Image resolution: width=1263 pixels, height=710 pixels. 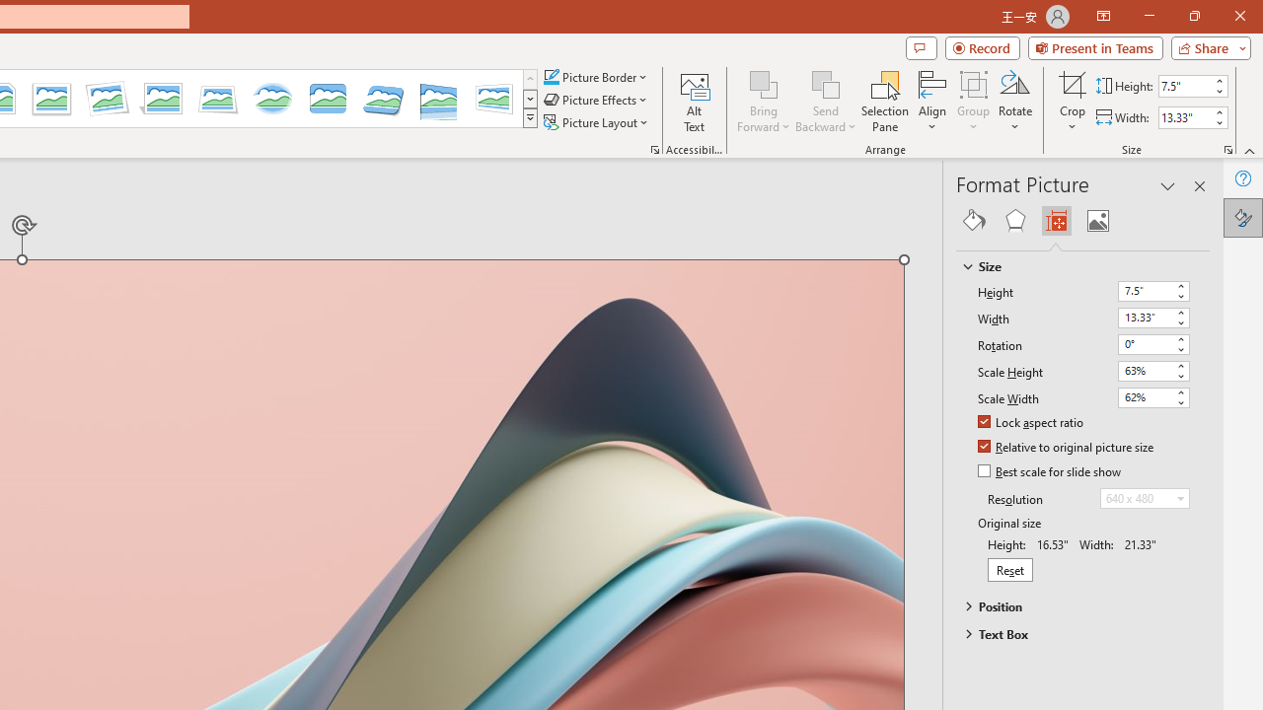 What do you see at coordinates (1102, 16) in the screenshot?
I see `'Ribbon Display Options'` at bounding box center [1102, 16].